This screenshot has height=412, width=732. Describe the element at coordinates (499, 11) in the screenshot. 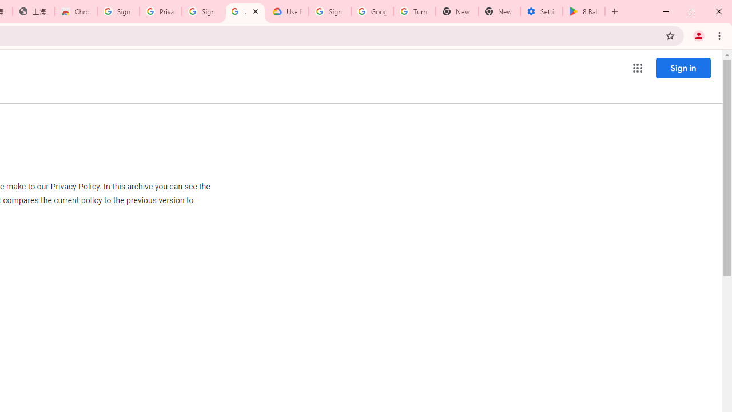

I see `'New Tab'` at that location.